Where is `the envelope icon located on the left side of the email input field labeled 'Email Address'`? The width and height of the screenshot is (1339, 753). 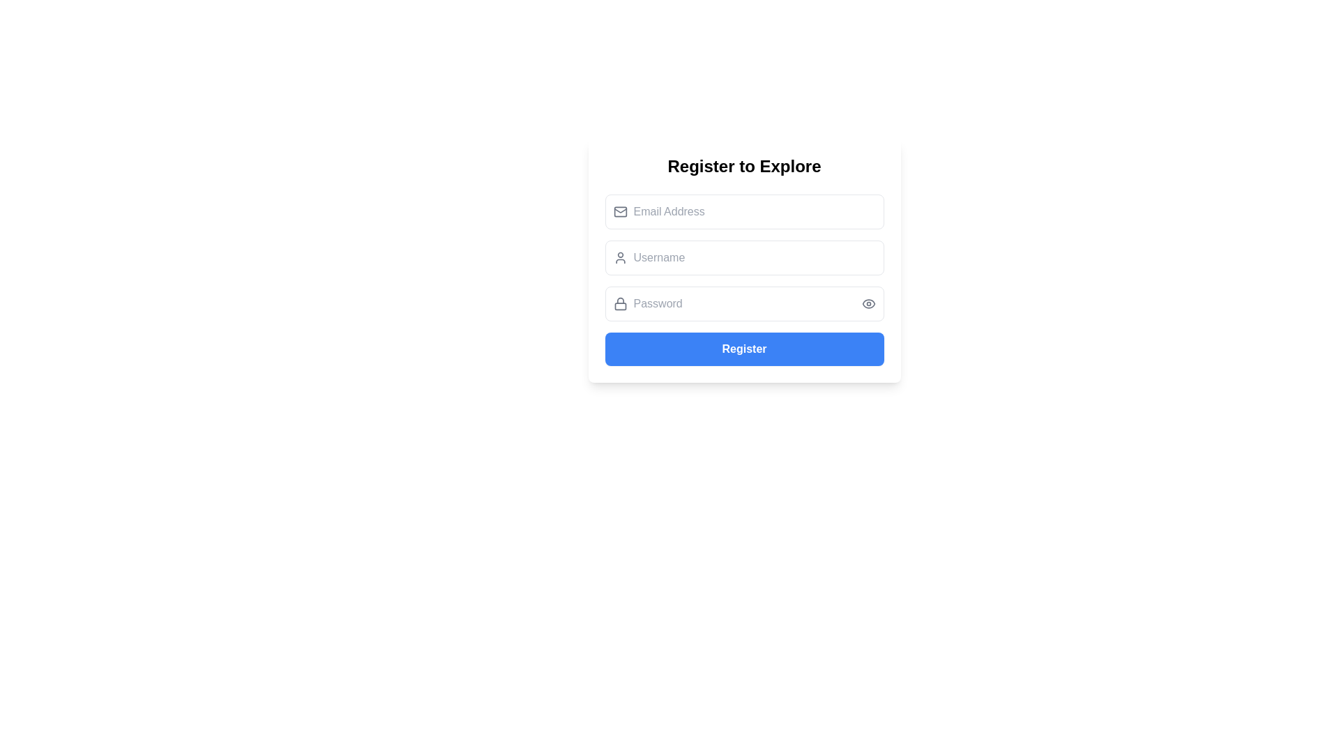 the envelope icon located on the left side of the email input field labeled 'Email Address' is located at coordinates (619, 212).